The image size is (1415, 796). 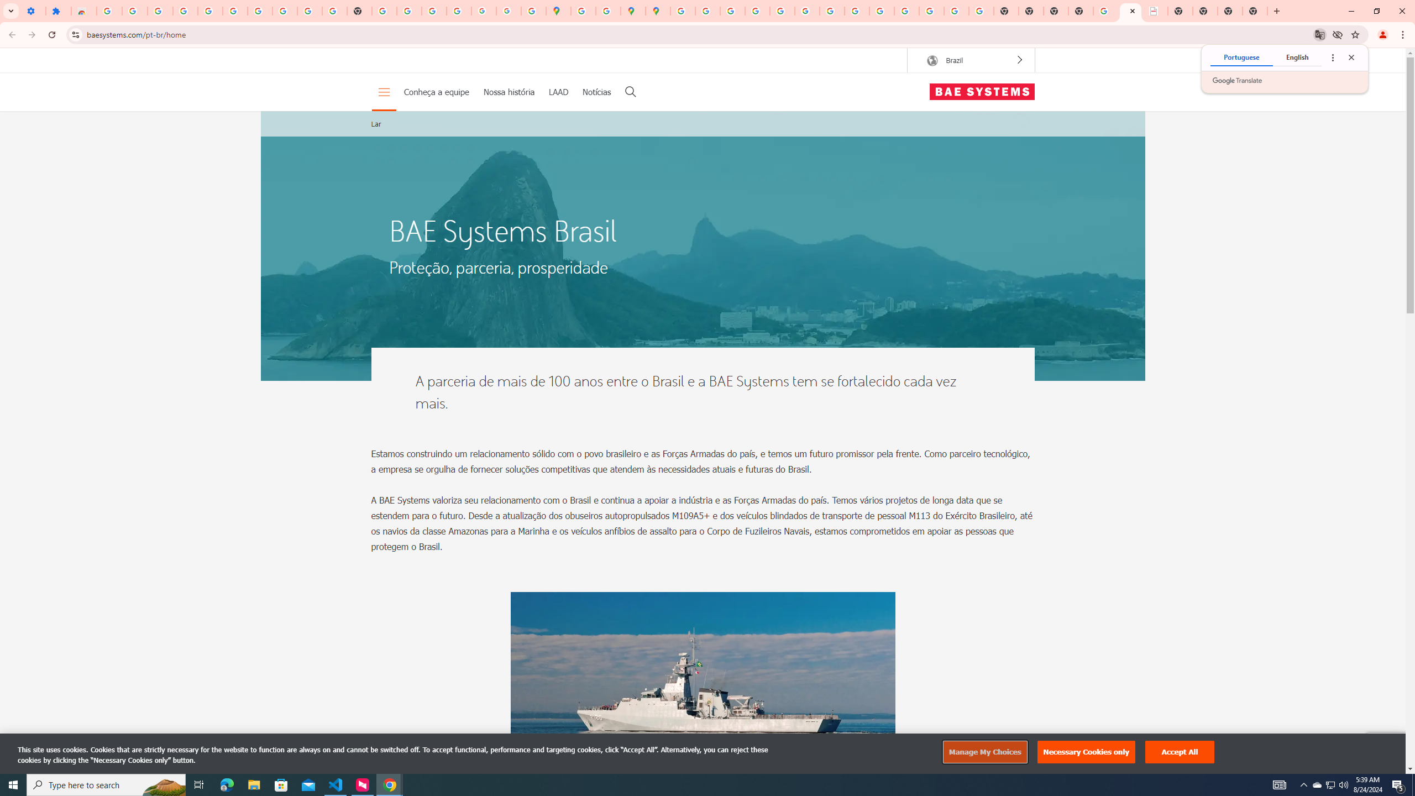 I want to click on 'Translate this page', so click(x=1320, y=34).